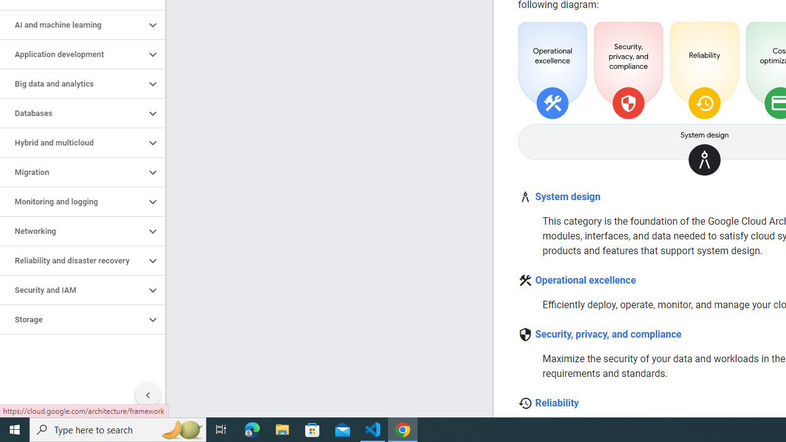  Describe the element at coordinates (72, 201) in the screenshot. I see `'Monitoring and logging'` at that location.